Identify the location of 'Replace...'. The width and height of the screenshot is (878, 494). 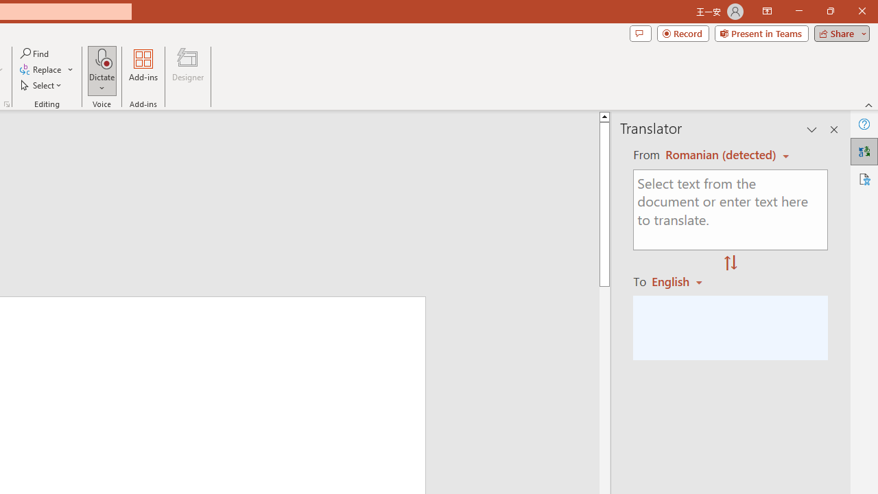
(47, 69).